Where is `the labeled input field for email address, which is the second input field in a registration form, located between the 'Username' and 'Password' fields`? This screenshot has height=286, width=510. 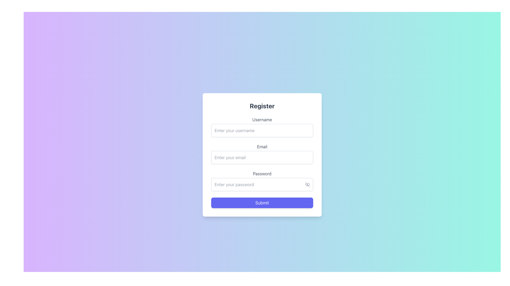
the labeled input field for email address, which is the second input field in a registration form, located between the 'Username' and 'Password' fields is located at coordinates (262, 154).